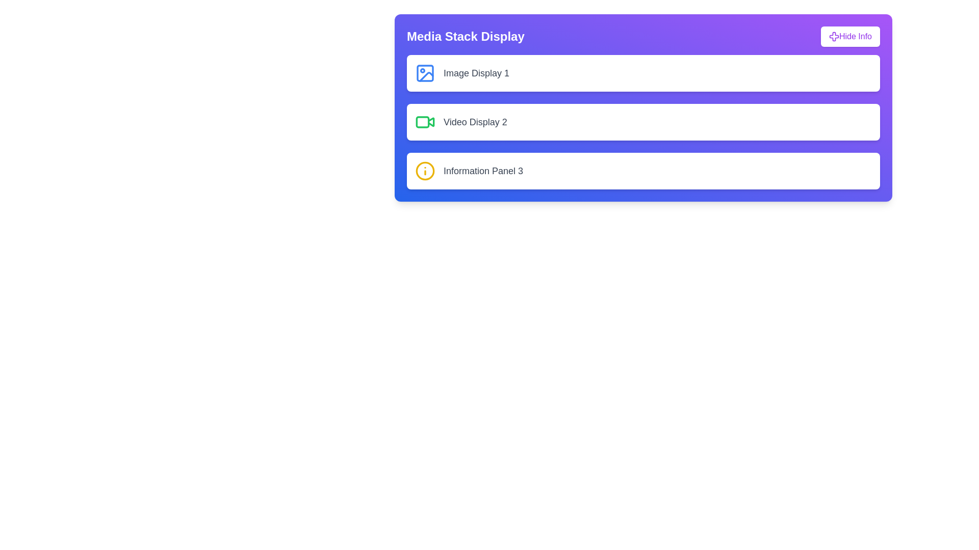 The width and height of the screenshot is (979, 550). I want to click on the graphical circle element that enhances the design of the information icon in the 'Information Panel 3', located on the leftmost side of the panel, so click(425, 170).